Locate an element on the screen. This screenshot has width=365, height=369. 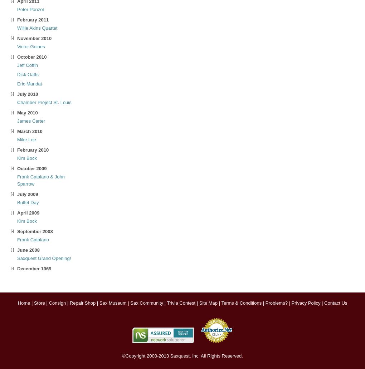
'Problems?' is located at coordinates (276, 302).